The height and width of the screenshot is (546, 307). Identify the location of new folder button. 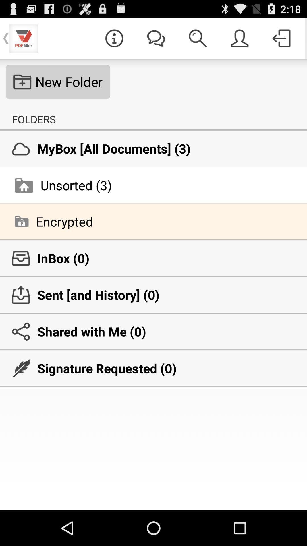
(58, 82).